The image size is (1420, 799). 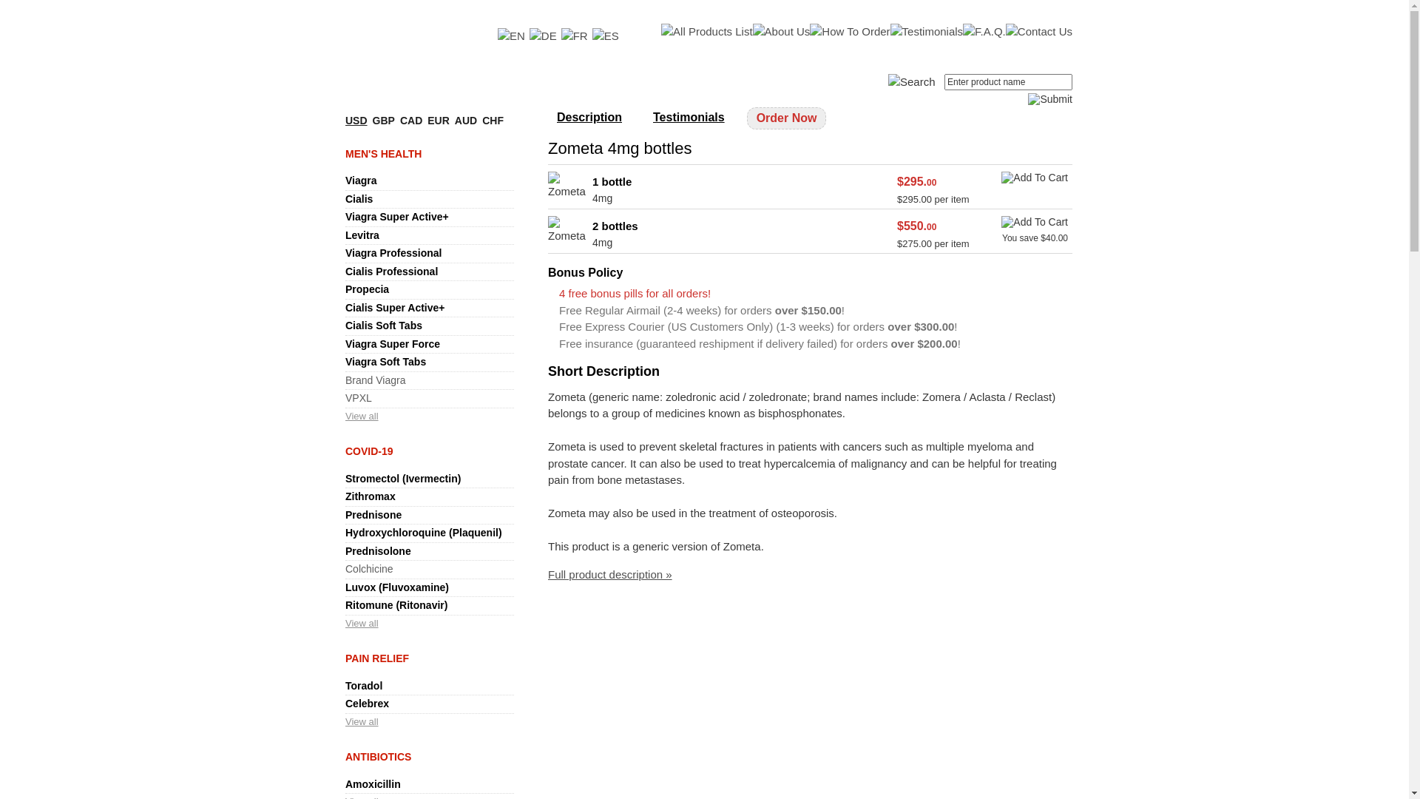 I want to click on 'MEN'S HEALTH', so click(x=383, y=154).